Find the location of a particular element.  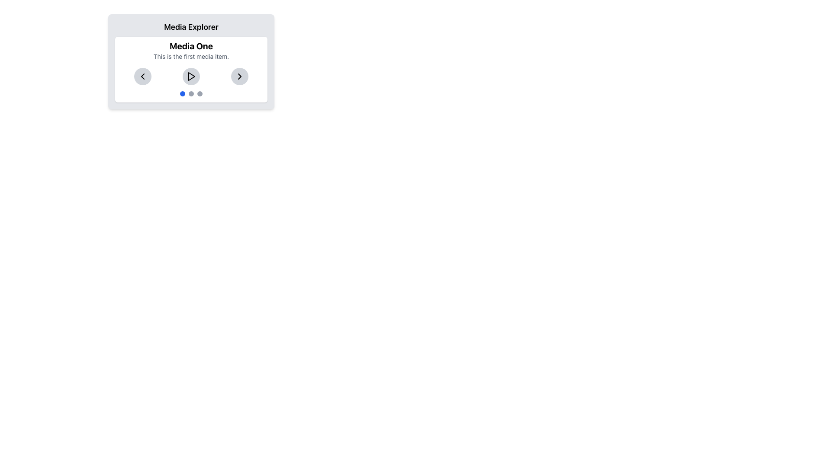

the third Navigation Indicator Dot, which is a small circular dot with a gray background is located at coordinates (199, 93).